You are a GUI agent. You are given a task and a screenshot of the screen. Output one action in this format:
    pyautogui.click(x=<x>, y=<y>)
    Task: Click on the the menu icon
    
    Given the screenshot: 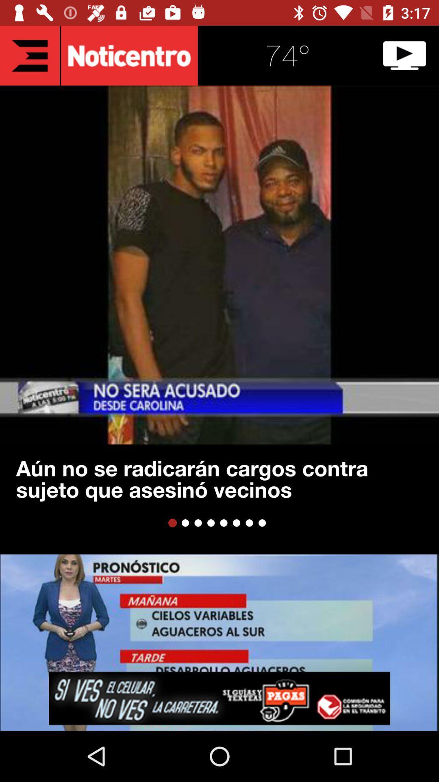 What is the action you would take?
    pyautogui.click(x=29, y=55)
    